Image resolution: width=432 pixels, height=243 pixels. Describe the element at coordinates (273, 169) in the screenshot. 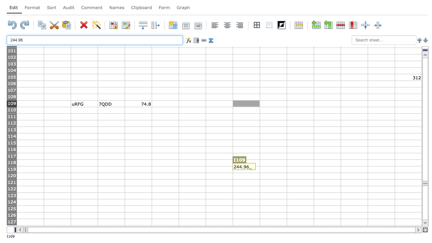

I see `J119` at that location.